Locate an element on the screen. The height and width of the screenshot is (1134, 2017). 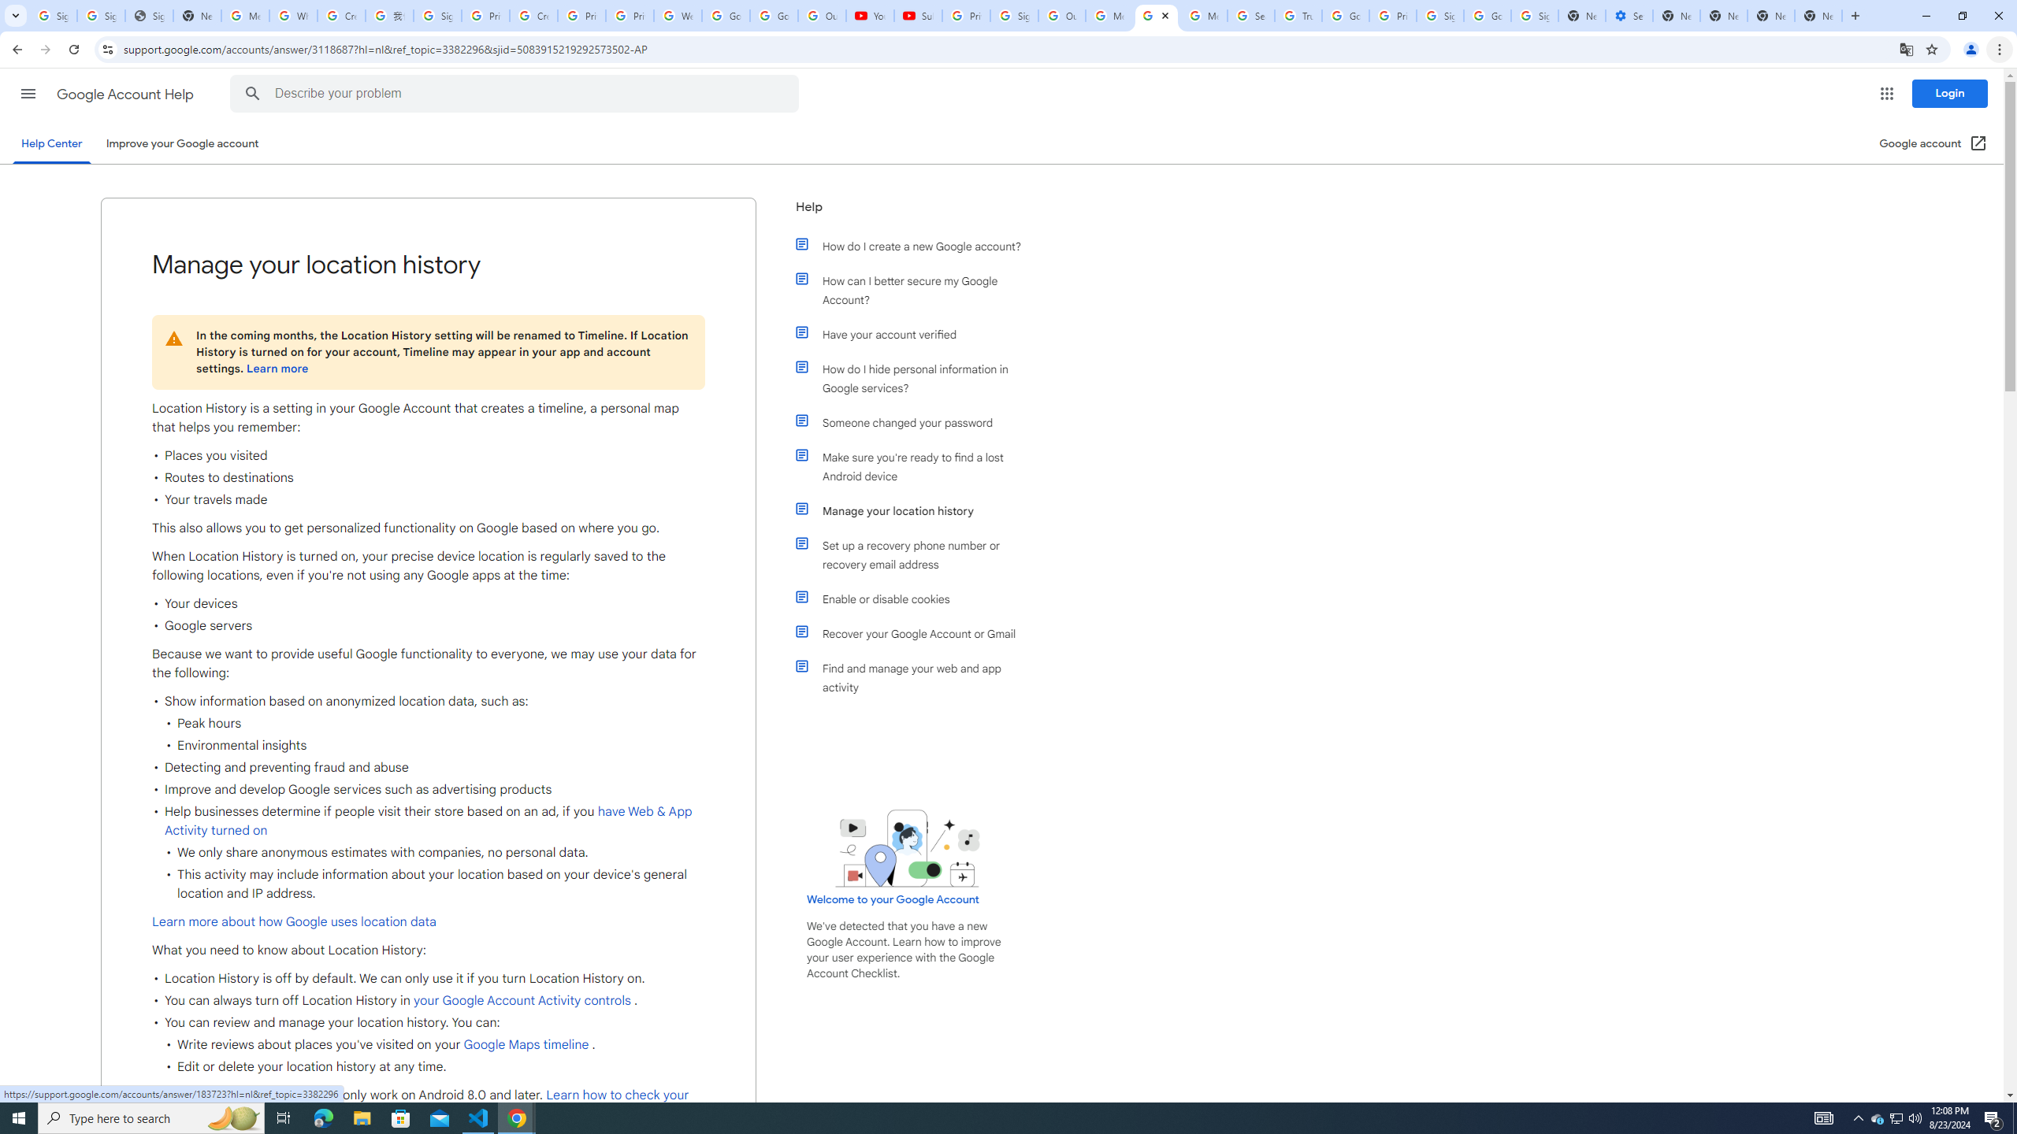
'have Web & App Activity turned on' is located at coordinates (428, 821).